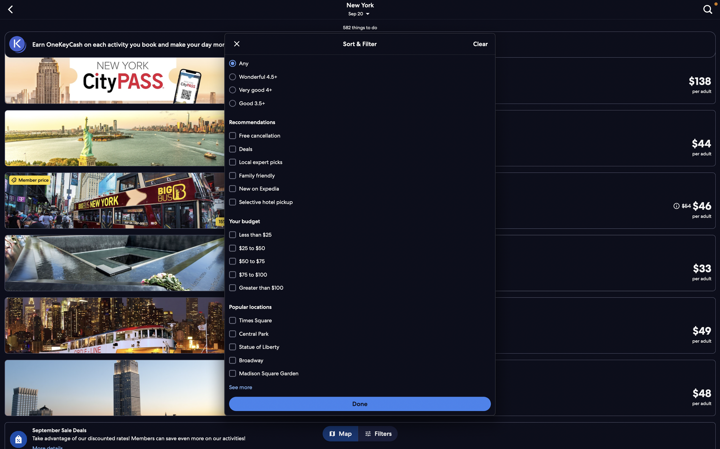 Image resolution: width=720 pixels, height=449 pixels. I want to click on Filter places near "Broadway", so click(361, 373).